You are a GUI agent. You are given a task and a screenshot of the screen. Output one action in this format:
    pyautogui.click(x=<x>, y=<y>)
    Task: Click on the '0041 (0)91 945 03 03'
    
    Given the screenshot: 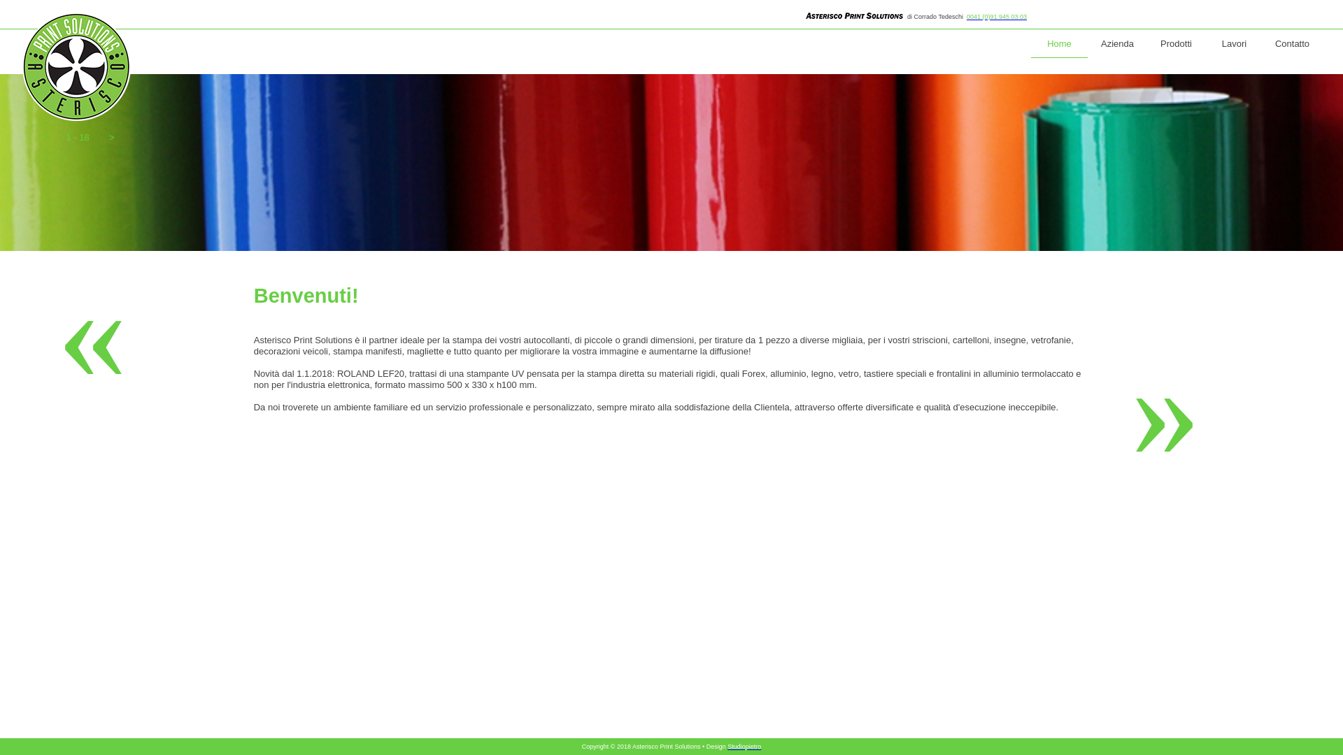 What is the action you would take?
    pyautogui.click(x=996, y=16)
    